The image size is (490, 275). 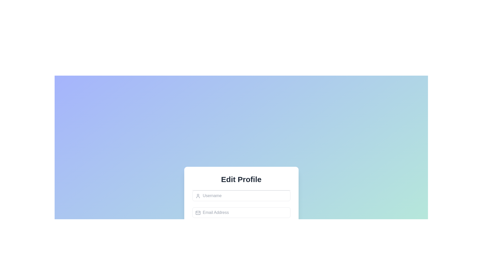 I want to click on the icon that visually indicates the 'Username' input field, located to the immediate left inside the input area, so click(x=198, y=196).